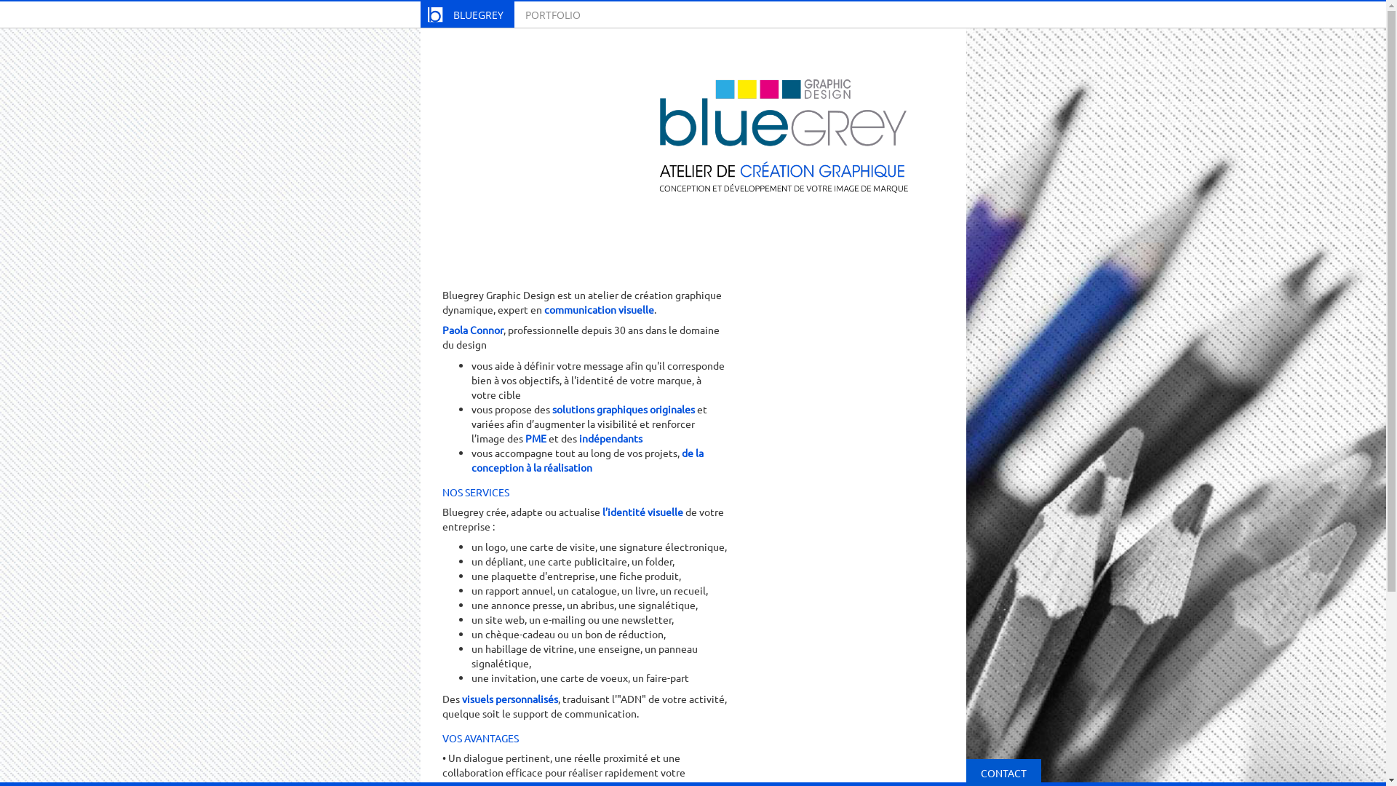  Describe the element at coordinates (513, 14) in the screenshot. I see `'PORTFOLIO'` at that location.